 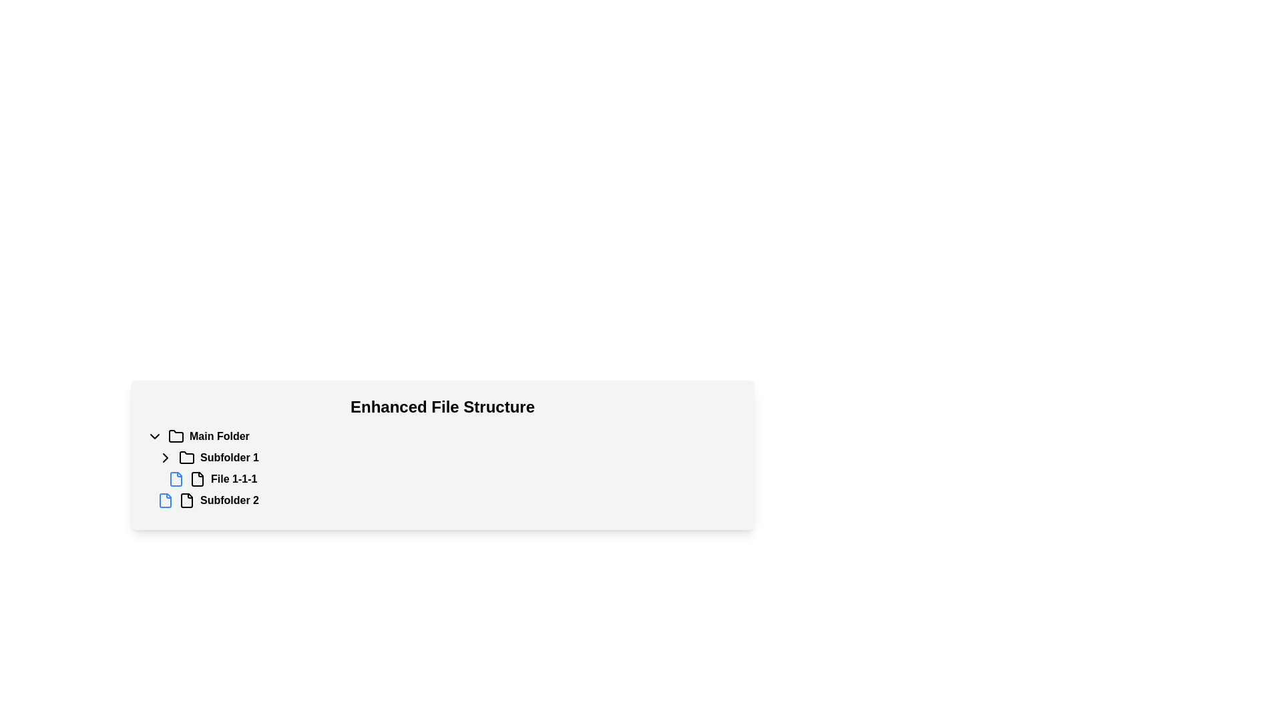 I want to click on the third icon in the row associated with the label 'Subfolder 2', which visually represents a file, so click(x=186, y=500).